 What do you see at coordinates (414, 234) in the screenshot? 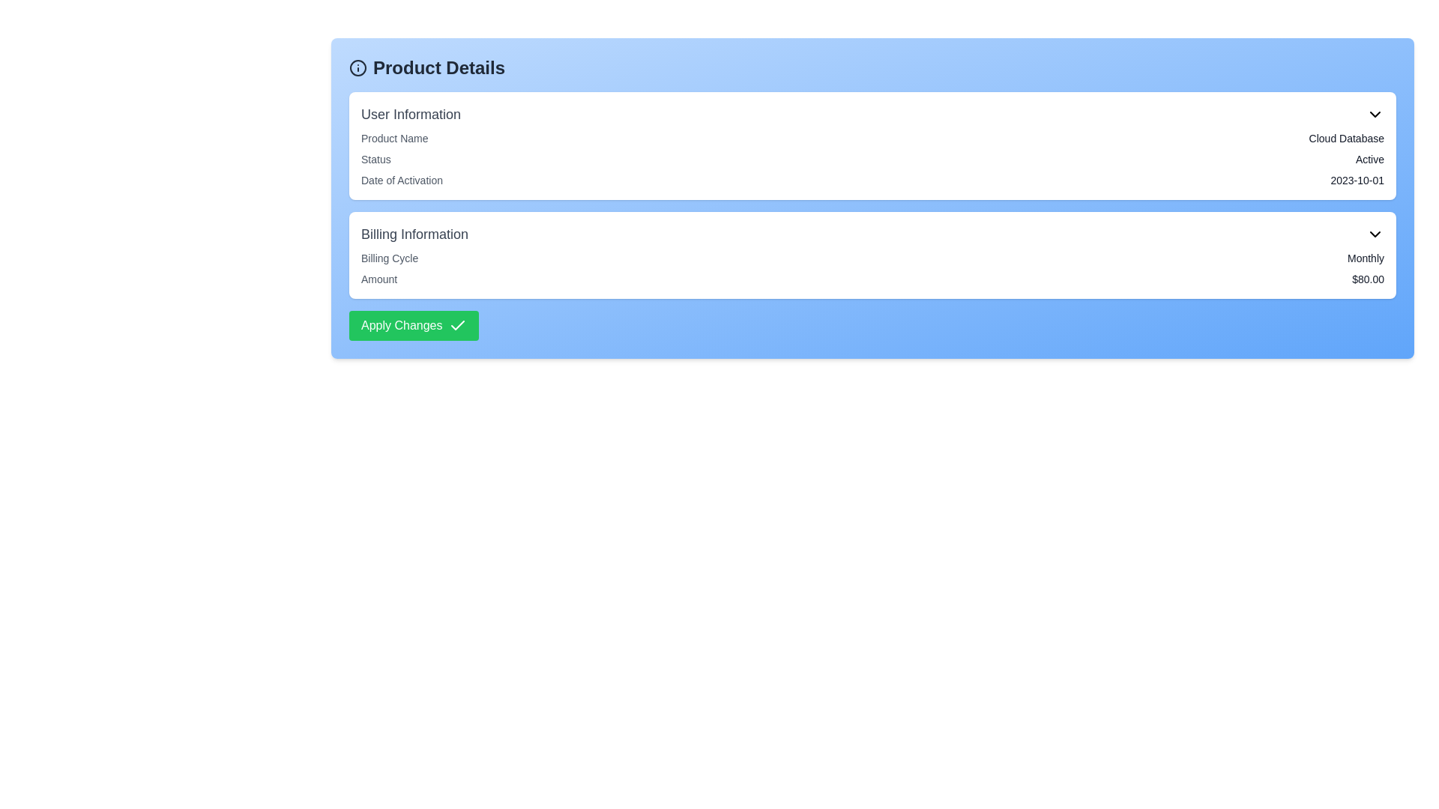
I see `the 'Billing Information' text label, which is a medium-sized gray text aligned to the left above 'Billing Cycle' and 'Amount'` at bounding box center [414, 234].